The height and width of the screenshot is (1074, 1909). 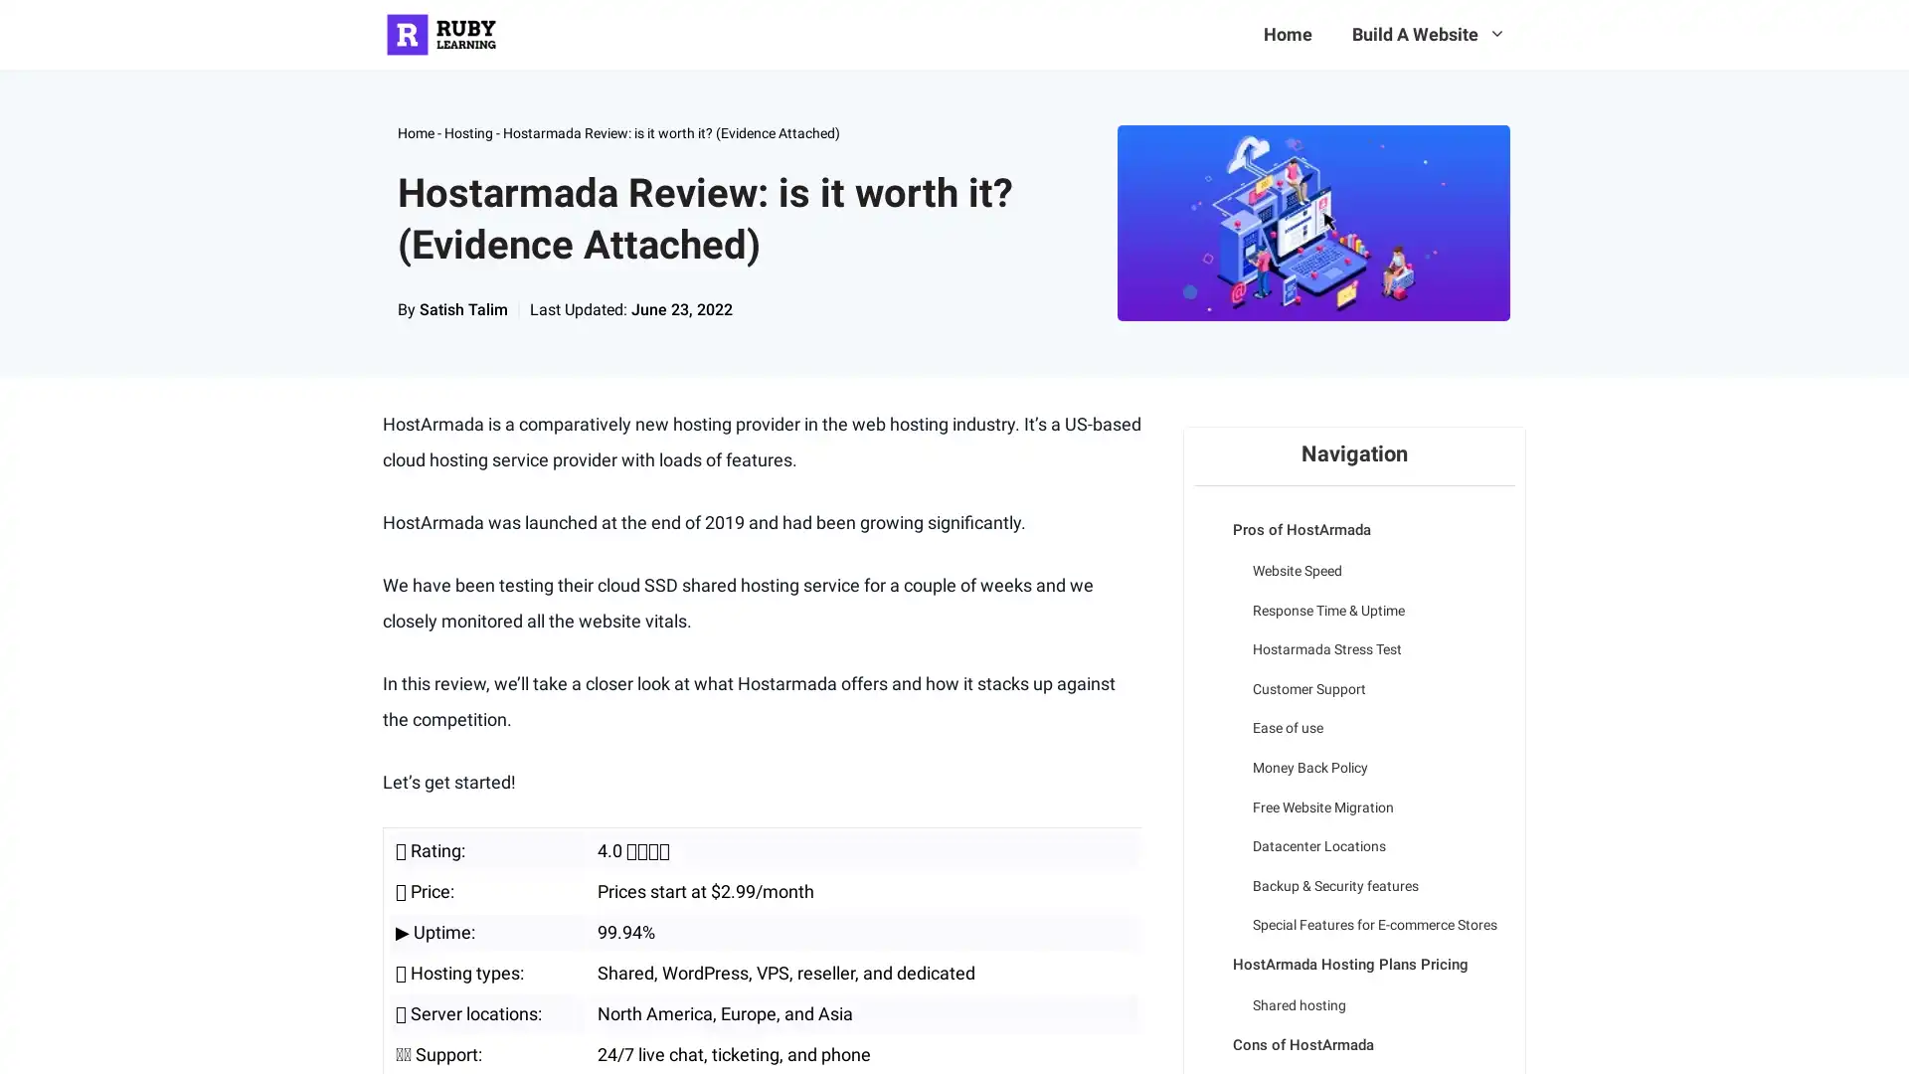 What do you see at coordinates (1207, 515) in the screenshot?
I see `Expand or collapse` at bounding box center [1207, 515].